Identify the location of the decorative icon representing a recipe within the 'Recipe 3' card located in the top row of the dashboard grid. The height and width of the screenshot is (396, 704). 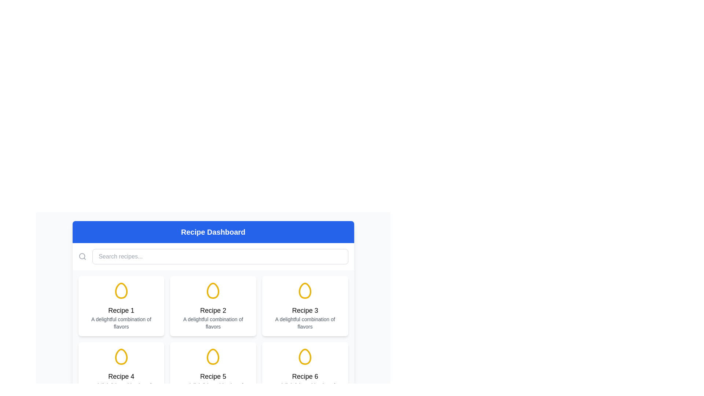
(305, 290).